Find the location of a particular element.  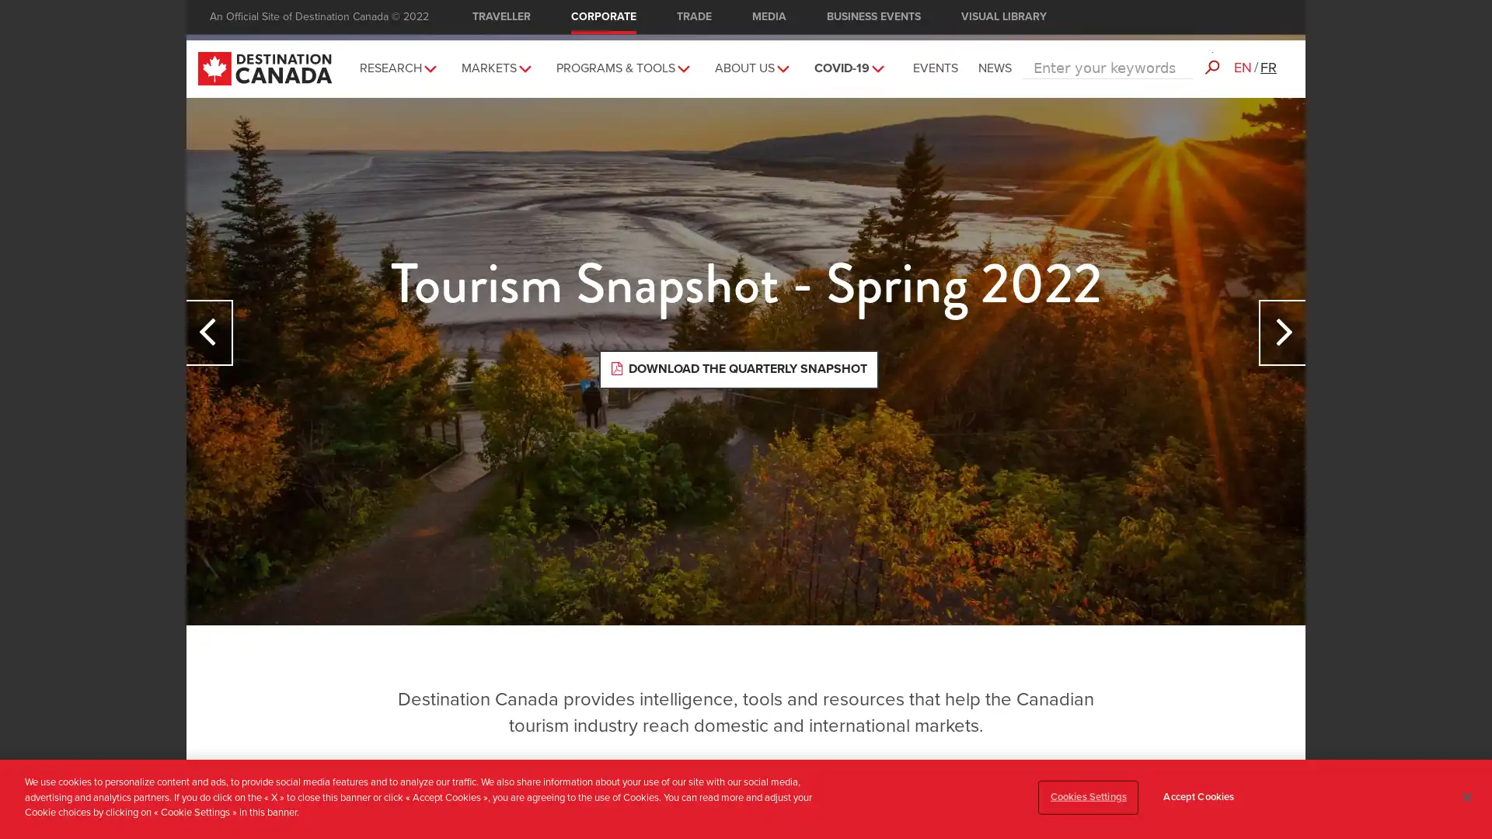

Expand is located at coordinates (873, 62).